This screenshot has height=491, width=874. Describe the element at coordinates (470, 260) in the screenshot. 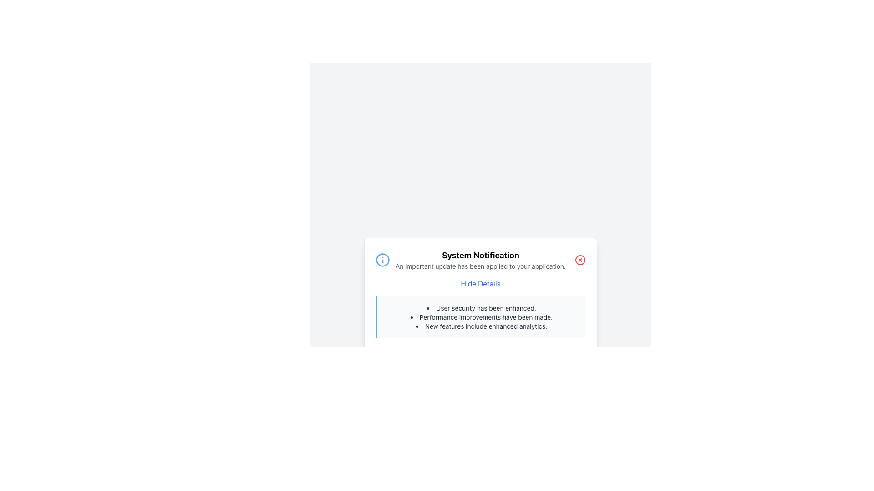

I see `the Notification Header element that notifies the user about application updates, located at the center top part of the notification box` at that location.